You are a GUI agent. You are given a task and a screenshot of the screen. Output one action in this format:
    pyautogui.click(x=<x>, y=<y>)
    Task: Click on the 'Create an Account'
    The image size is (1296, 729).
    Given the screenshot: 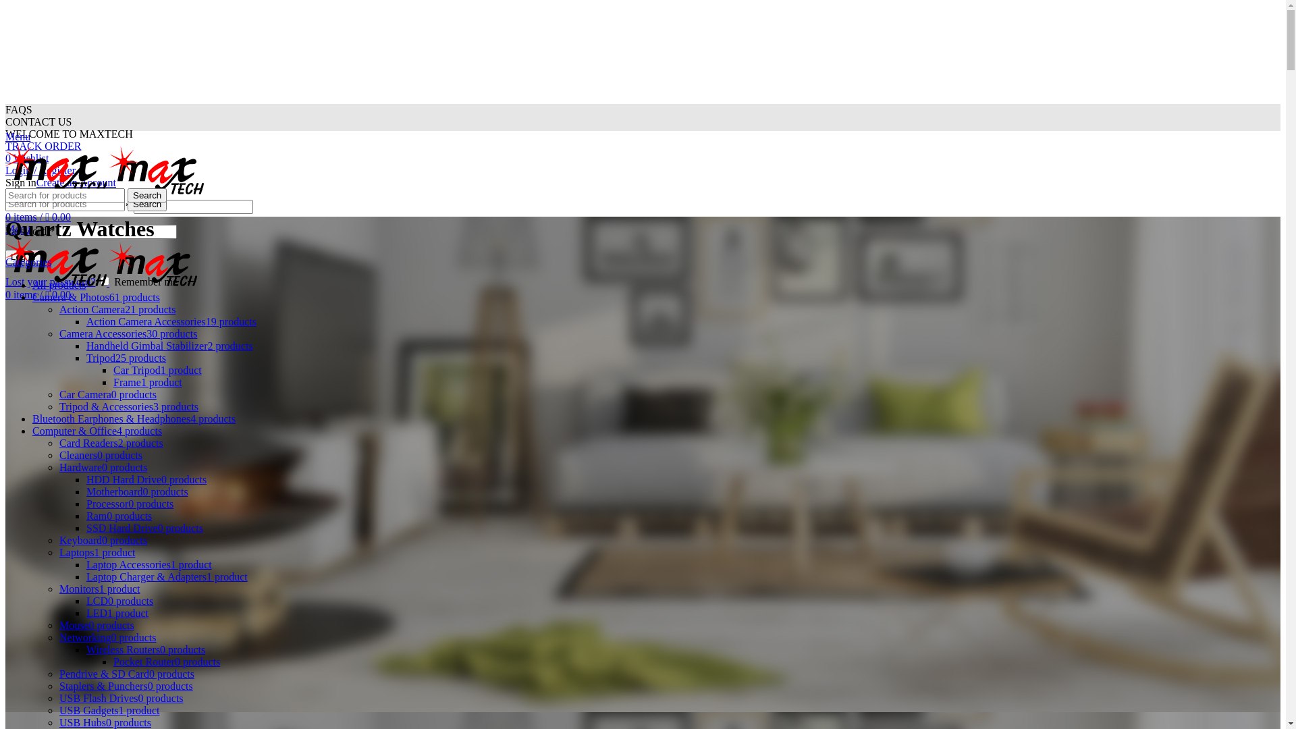 What is the action you would take?
    pyautogui.click(x=76, y=182)
    